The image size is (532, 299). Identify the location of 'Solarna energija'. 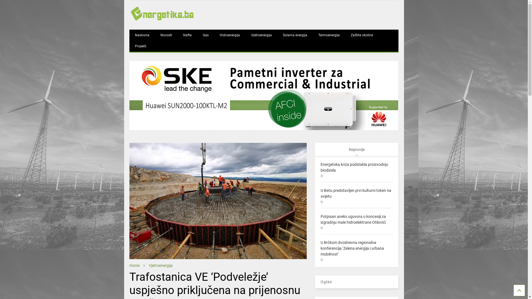
(295, 35).